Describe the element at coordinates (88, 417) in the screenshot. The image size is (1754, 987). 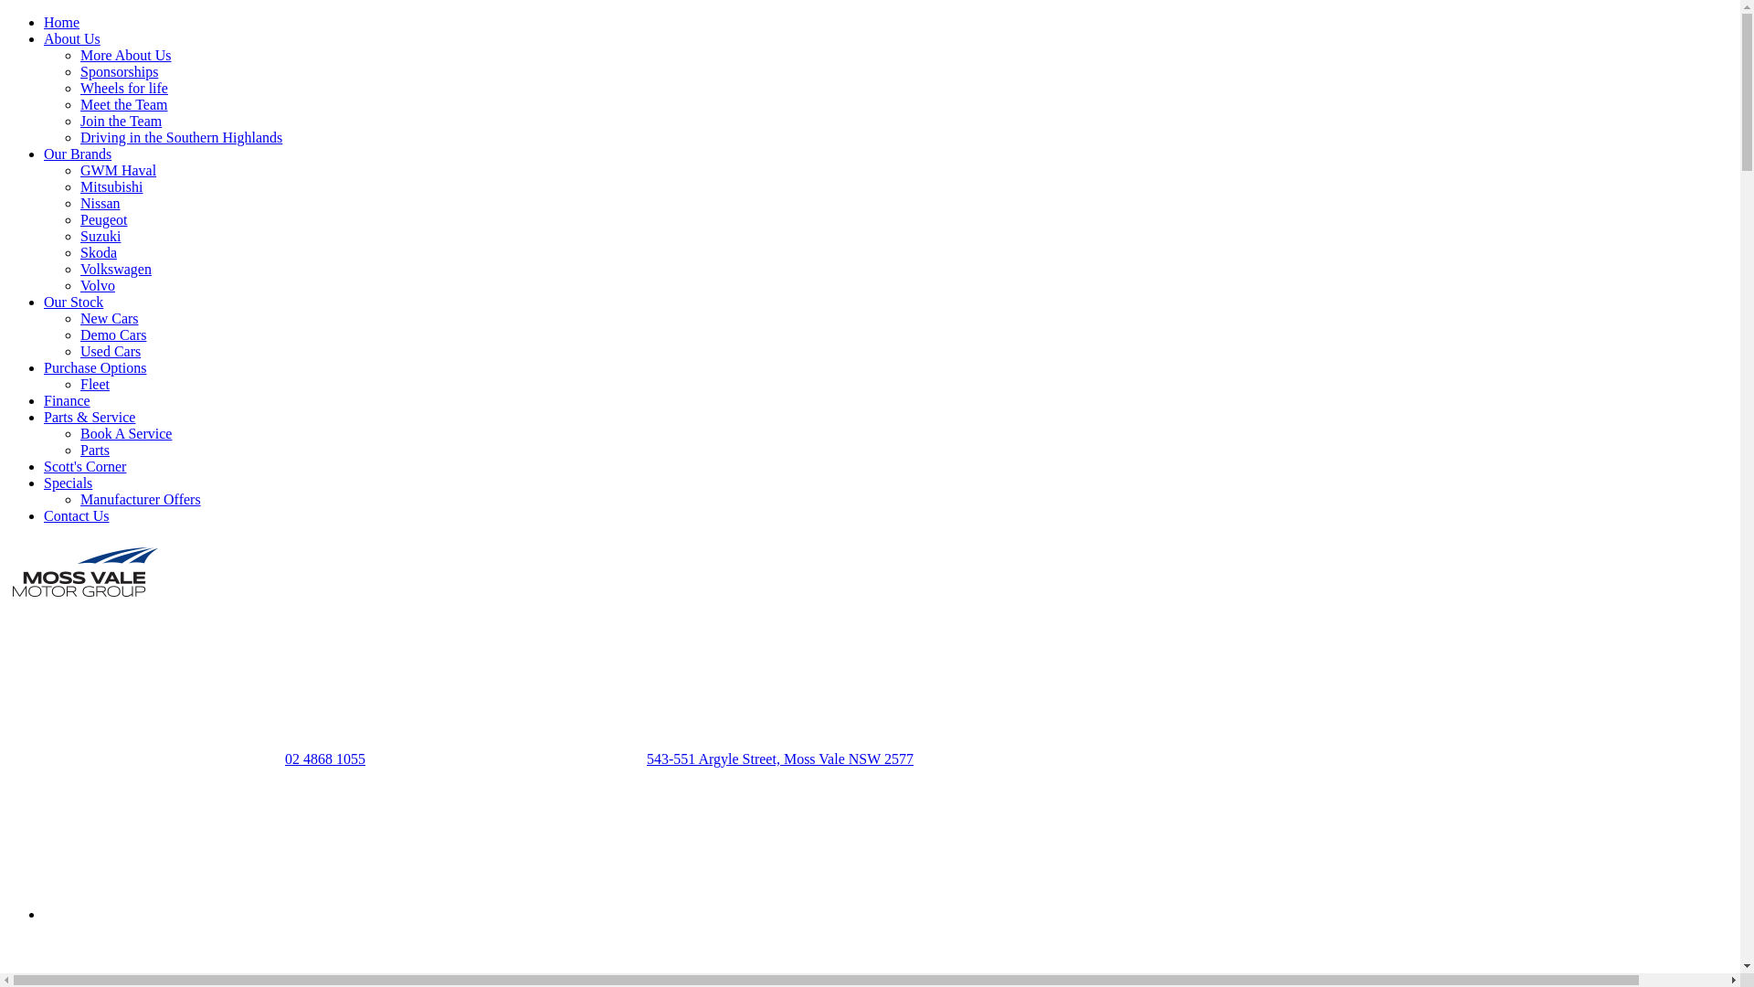
I see `'Parts & Service'` at that location.